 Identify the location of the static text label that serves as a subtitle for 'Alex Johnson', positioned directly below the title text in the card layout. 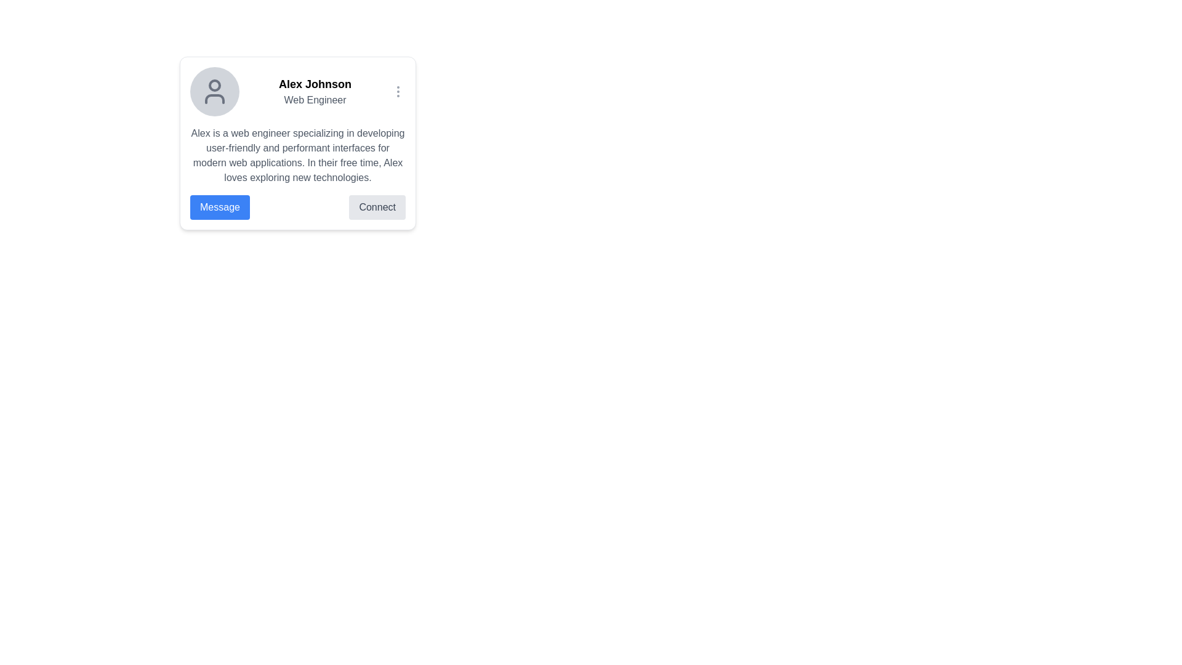
(315, 99).